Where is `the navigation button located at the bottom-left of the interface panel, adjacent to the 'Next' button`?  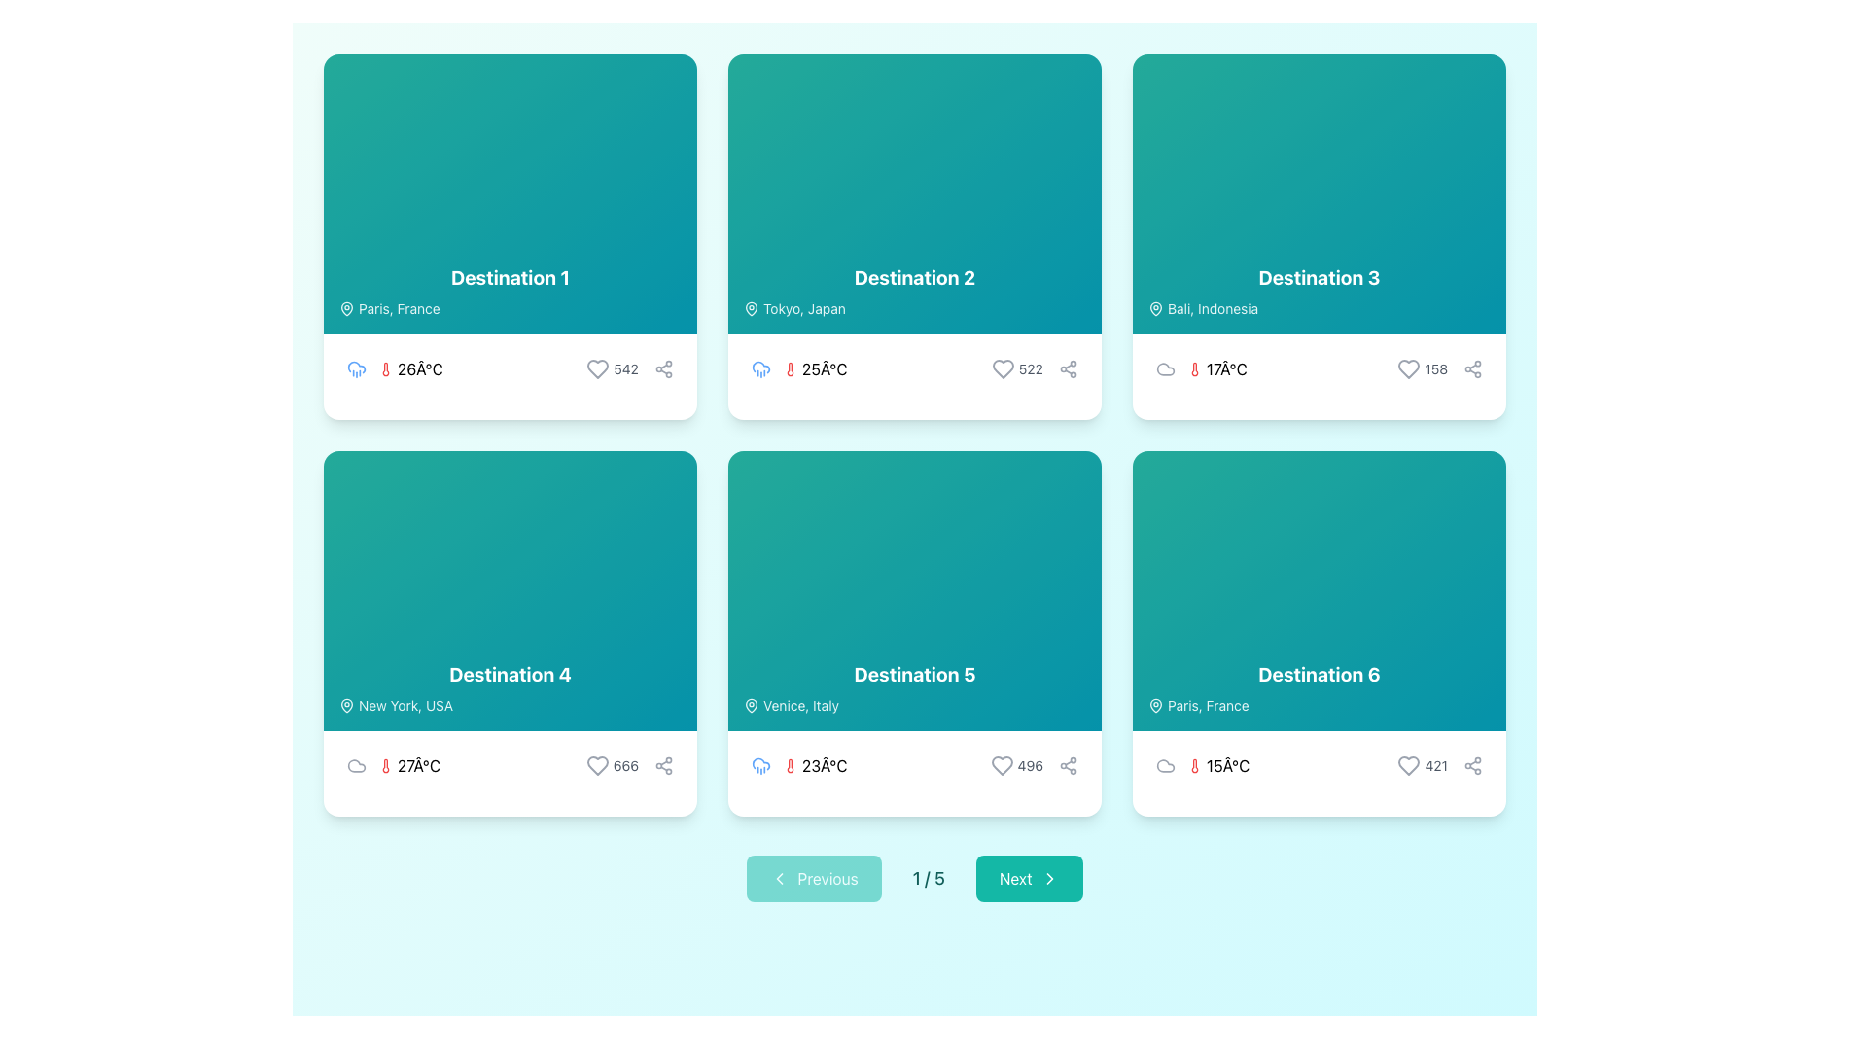 the navigation button located at the bottom-left of the interface panel, adjacent to the 'Next' button is located at coordinates (814, 878).